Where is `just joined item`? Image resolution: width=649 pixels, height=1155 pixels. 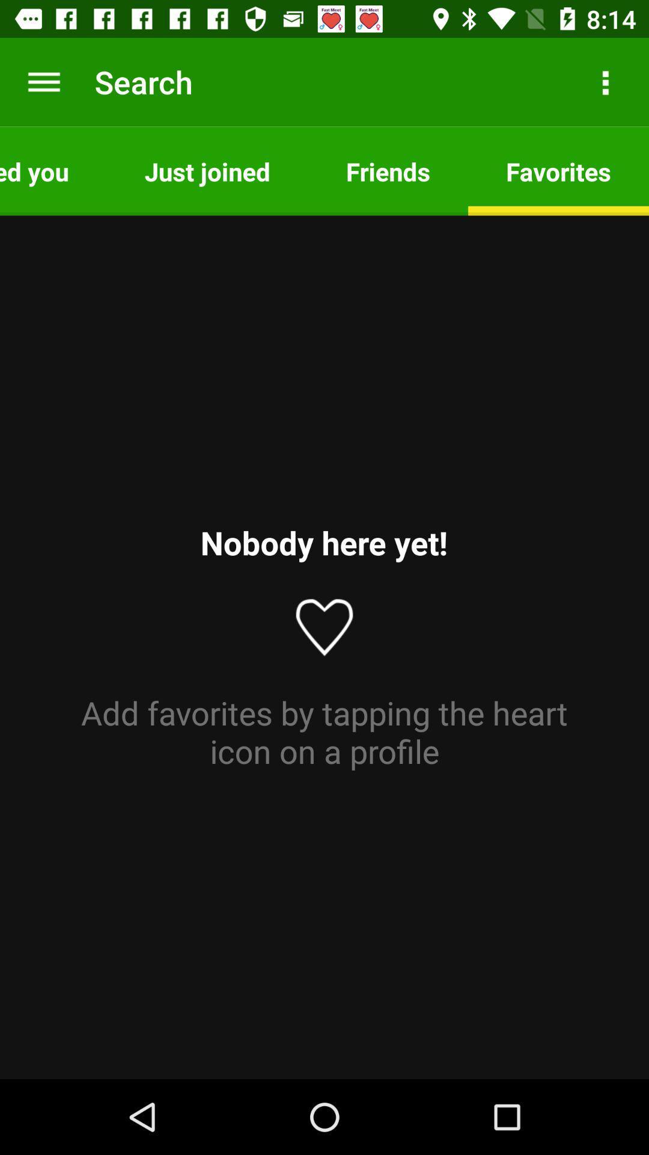 just joined item is located at coordinates (207, 170).